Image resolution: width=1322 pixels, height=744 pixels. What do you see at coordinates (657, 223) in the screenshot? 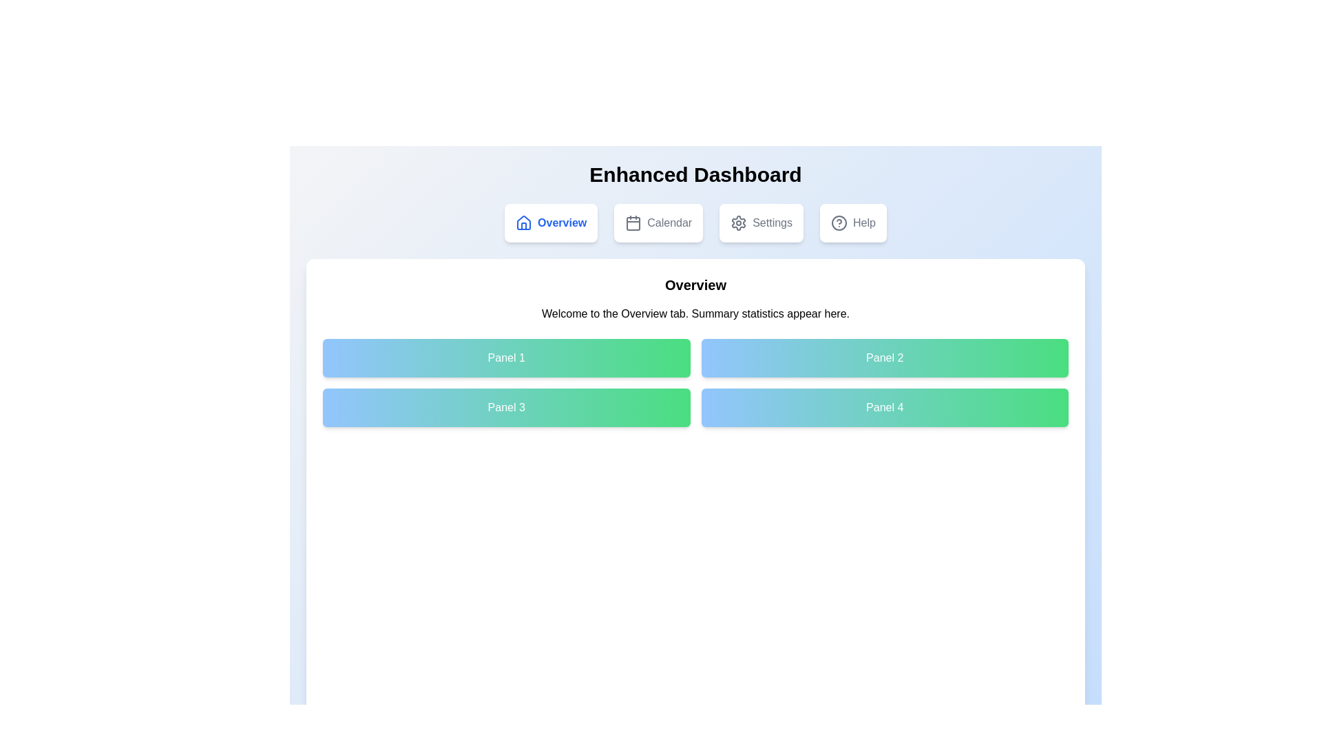
I see `the Calendar tab to explore its content` at bounding box center [657, 223].